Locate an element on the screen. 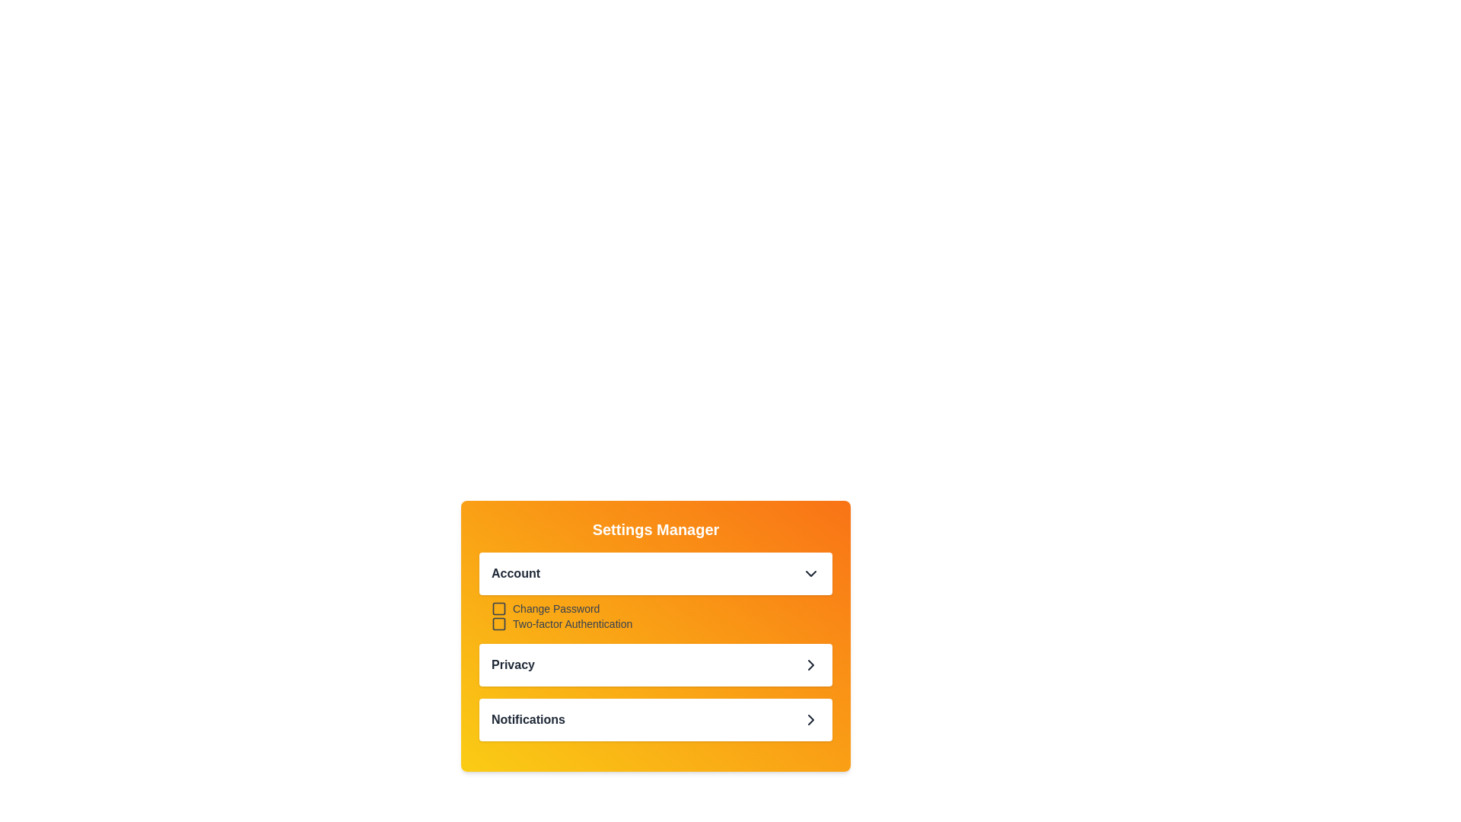 This screenshot has height=822, width=1461. the 'Notifications' button with a white background and rounded edges located in the settings panel to trigger hover effects is located at coordinates (656, 719).